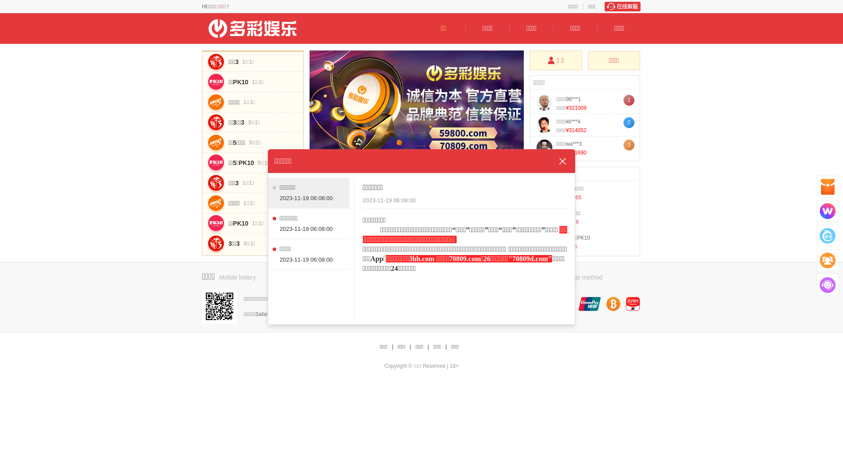  I want to click on '|', so click(446, 346).